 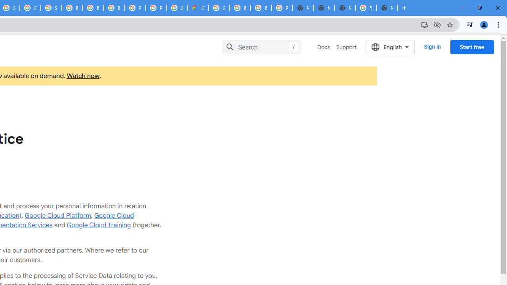 I want to click on 'Start free', so click(x=472, y=47).